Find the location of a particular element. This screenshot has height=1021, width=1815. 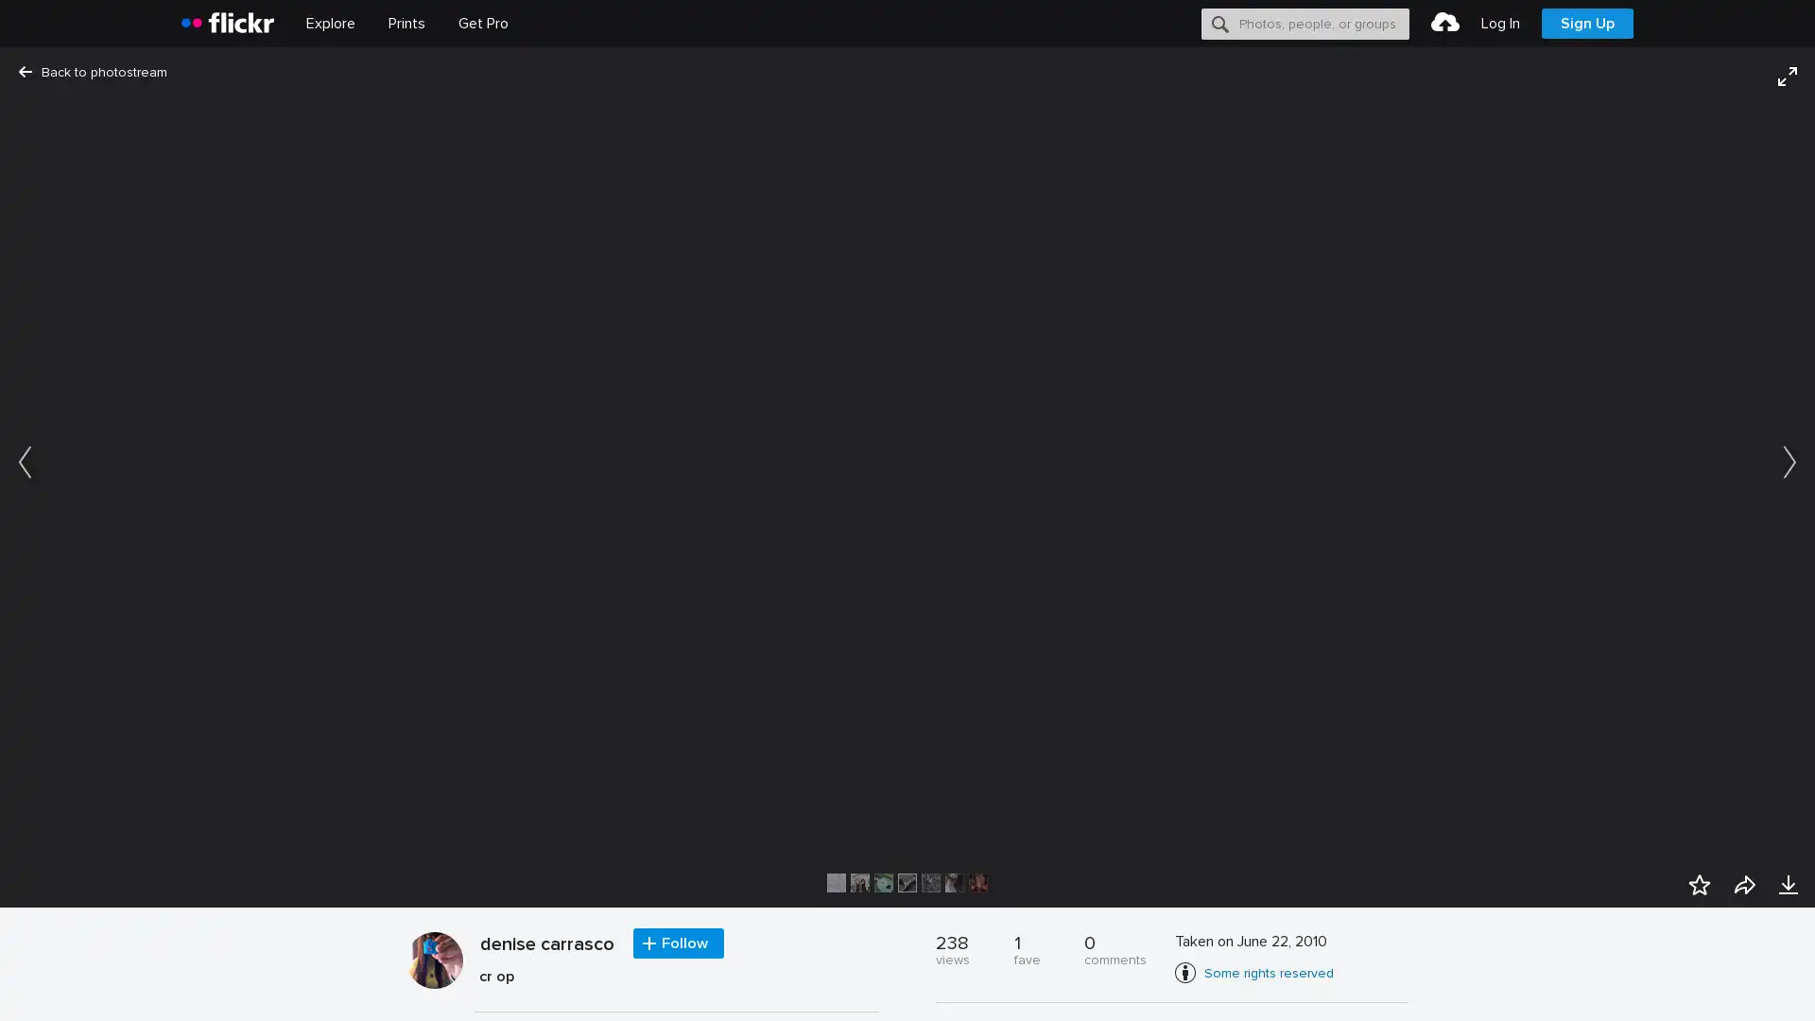

Accept is located at coordinates (1442, 984).